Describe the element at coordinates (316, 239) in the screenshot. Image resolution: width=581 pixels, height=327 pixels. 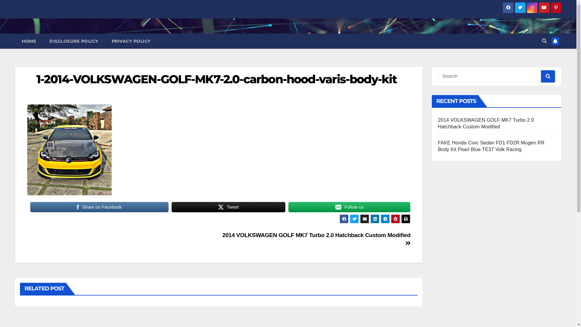
I see `'2014 VOLKSWAGEN GOLF MK7 Turbo 2.0 Hatchback Custom Modified'` at that location.